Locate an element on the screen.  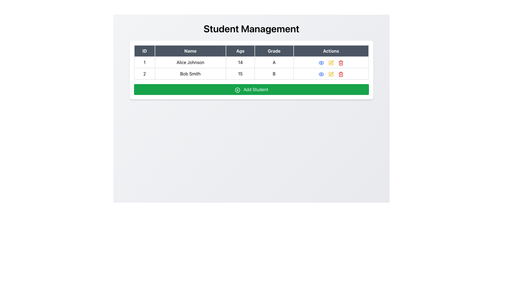
the edit icon located in the 'Actions' column of the second row of the data table, which is represented by a square-pen SVG icon is located at coordinates (331, 74).